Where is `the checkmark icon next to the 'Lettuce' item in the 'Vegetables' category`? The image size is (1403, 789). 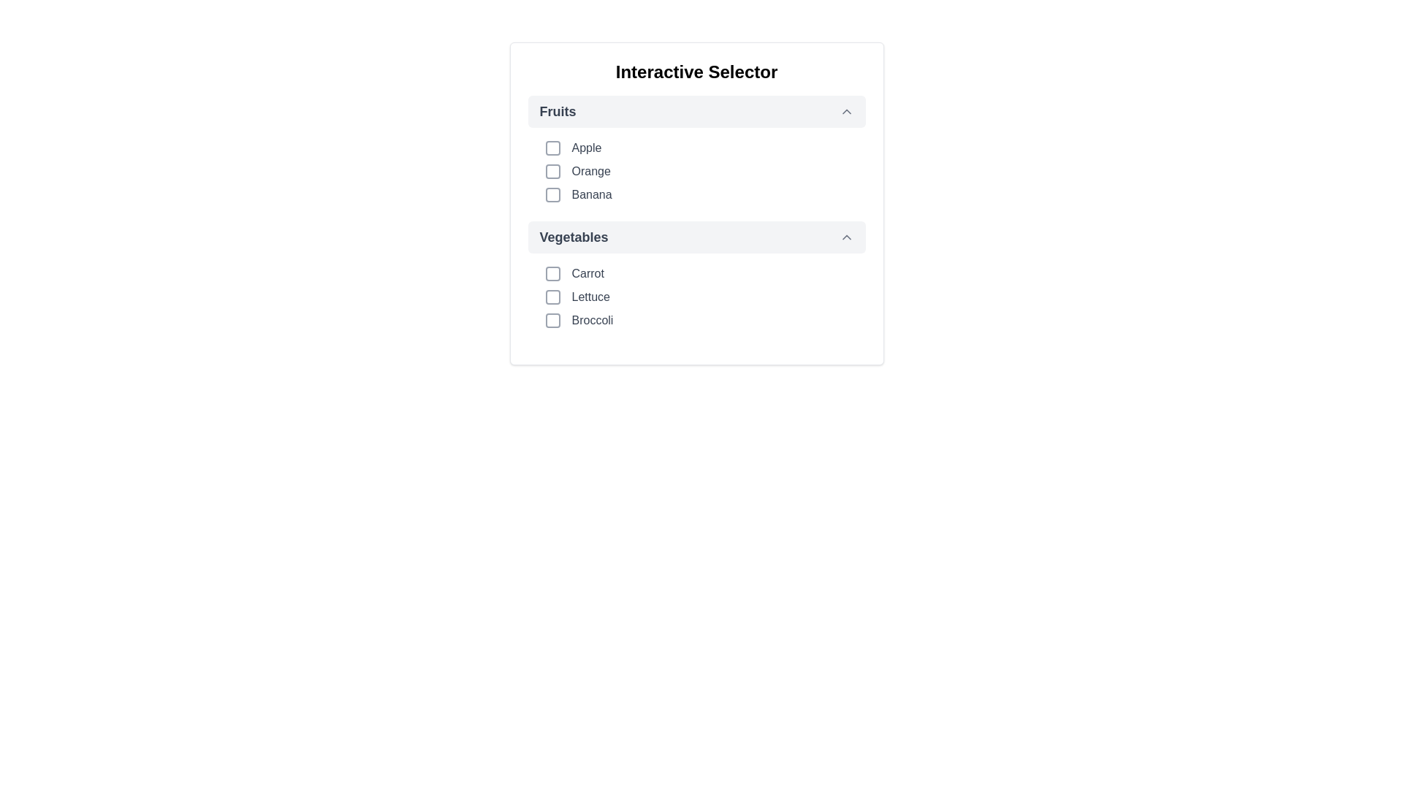 the checkmark icon next to the 'Lettuce' item in the 'Vegetables' category is located at coordinates (552, 297).